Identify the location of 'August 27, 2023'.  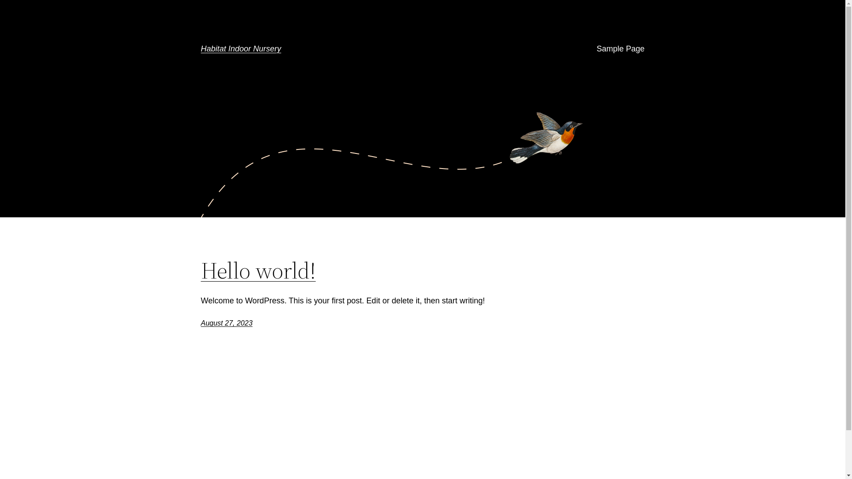
(226, 323).